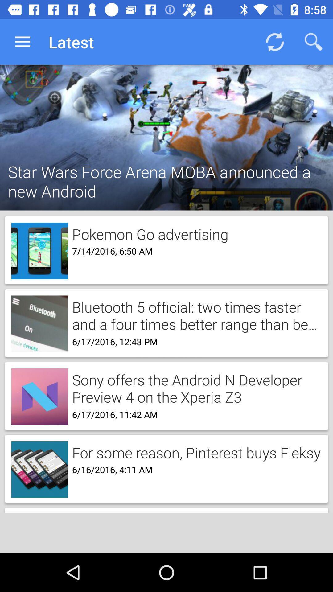 This screenshot has width=333, height=592. Describe the element at coordinates (148, 233) in the screenshot. I see `the pokemon go advertising icon` at that location.